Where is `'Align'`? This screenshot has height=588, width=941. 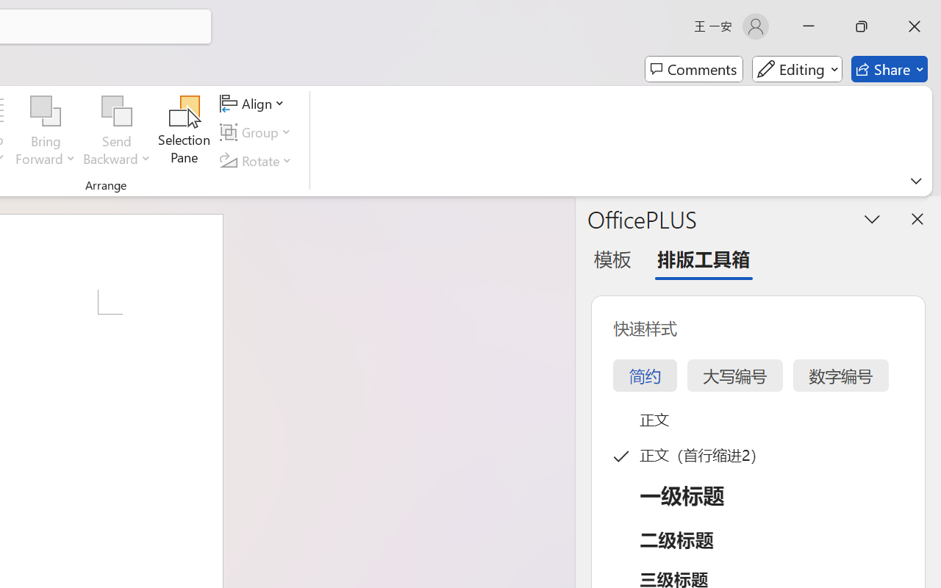
'Align' is located at coordinates (254, 104).